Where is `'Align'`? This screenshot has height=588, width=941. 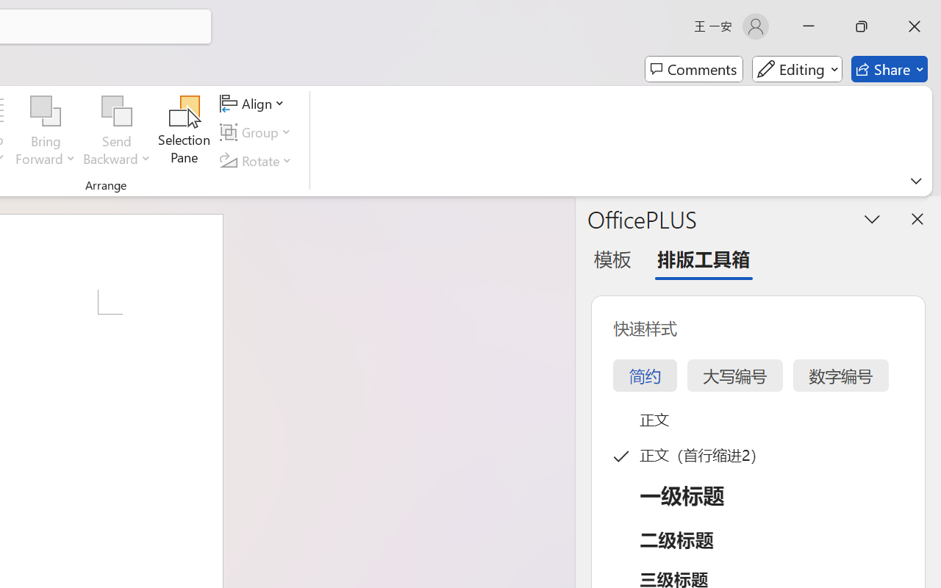
'Align' is located at coordinates (254, 104).